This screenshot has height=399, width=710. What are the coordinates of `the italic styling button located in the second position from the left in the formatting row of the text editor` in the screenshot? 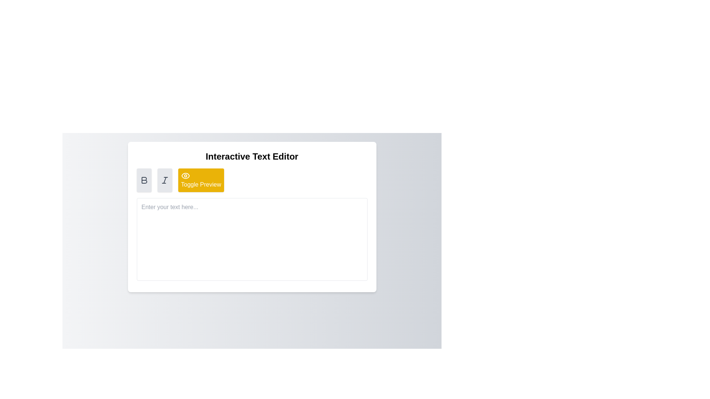 It's located at (164, 180).